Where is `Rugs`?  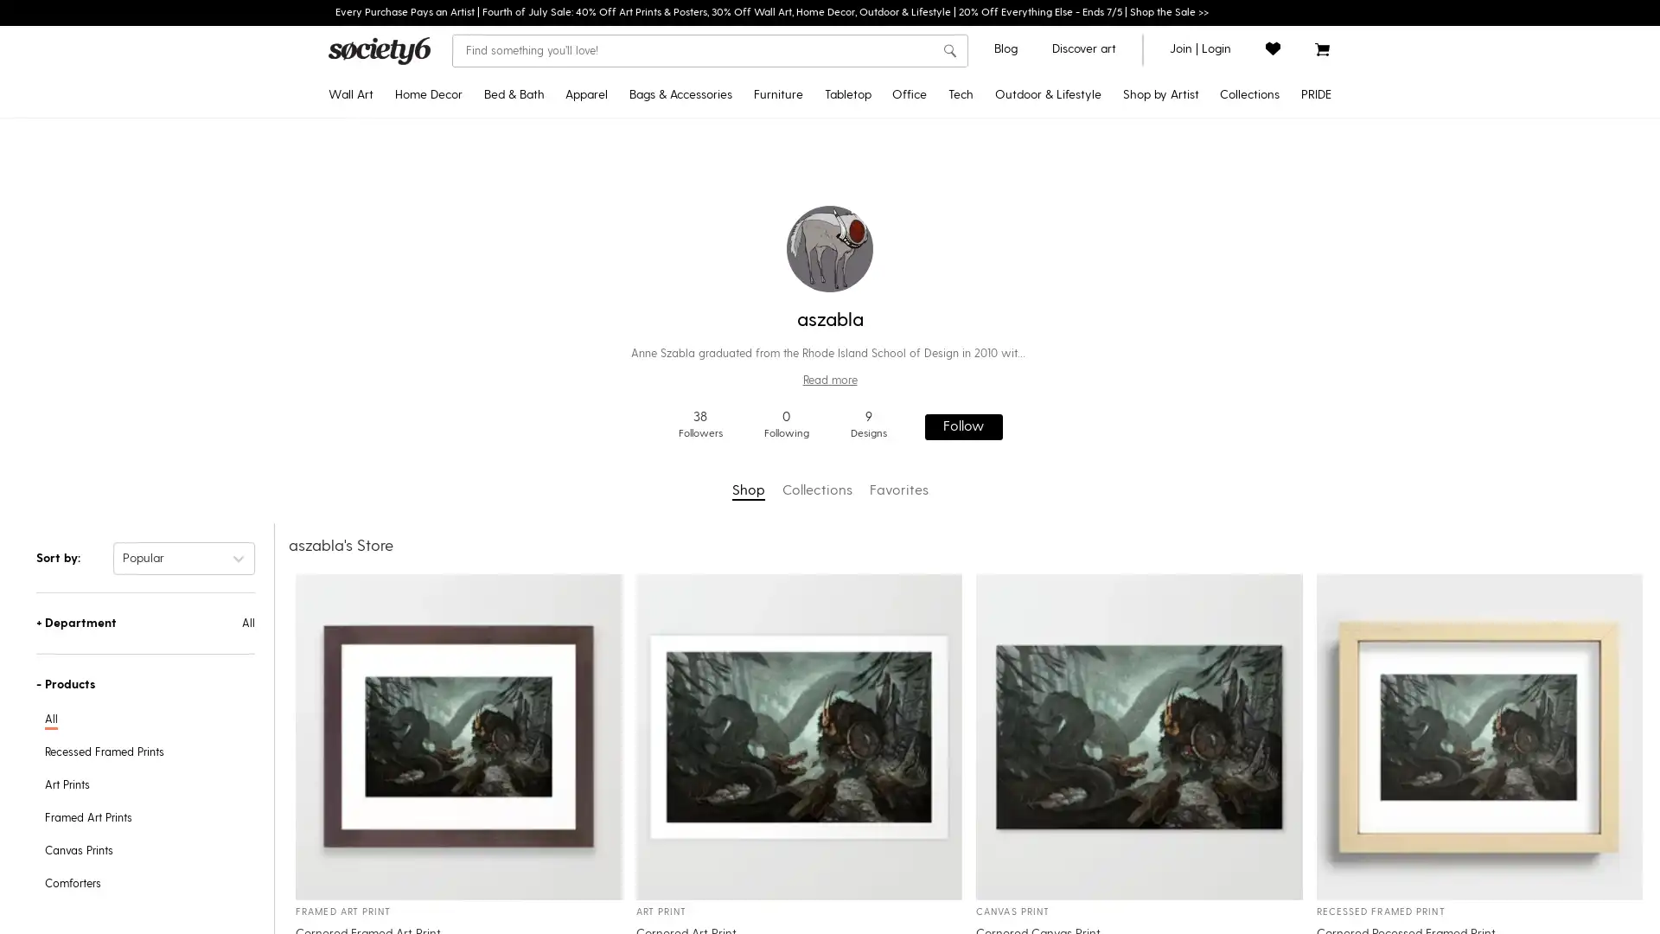
Rugs is located at coordinates (461, 360).